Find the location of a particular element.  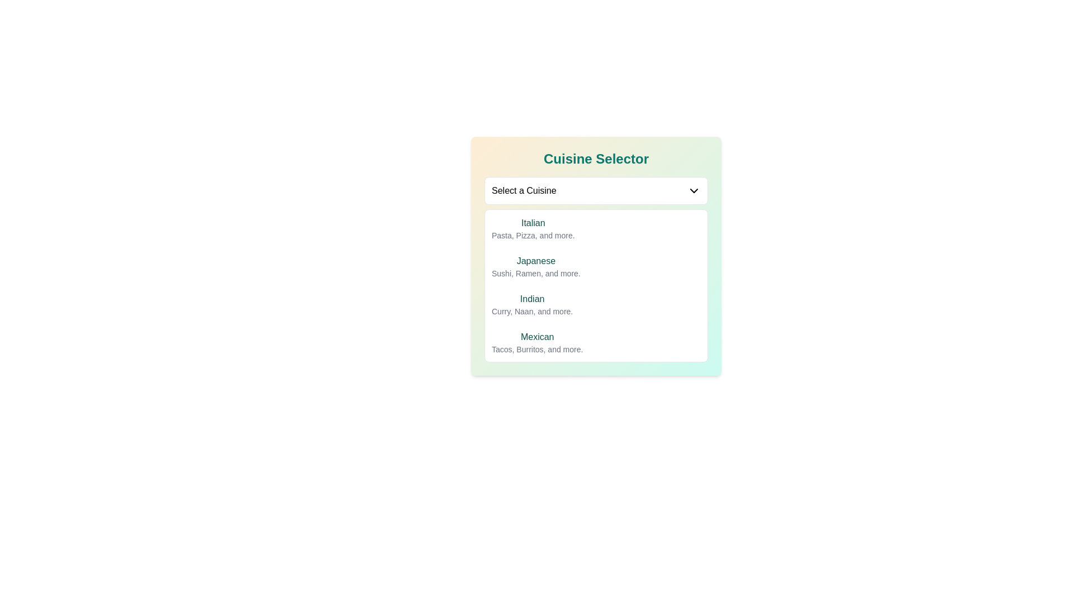

the Dropdown Menu labeled 'Select a Cuisine' is located at coordinates (595, 190).